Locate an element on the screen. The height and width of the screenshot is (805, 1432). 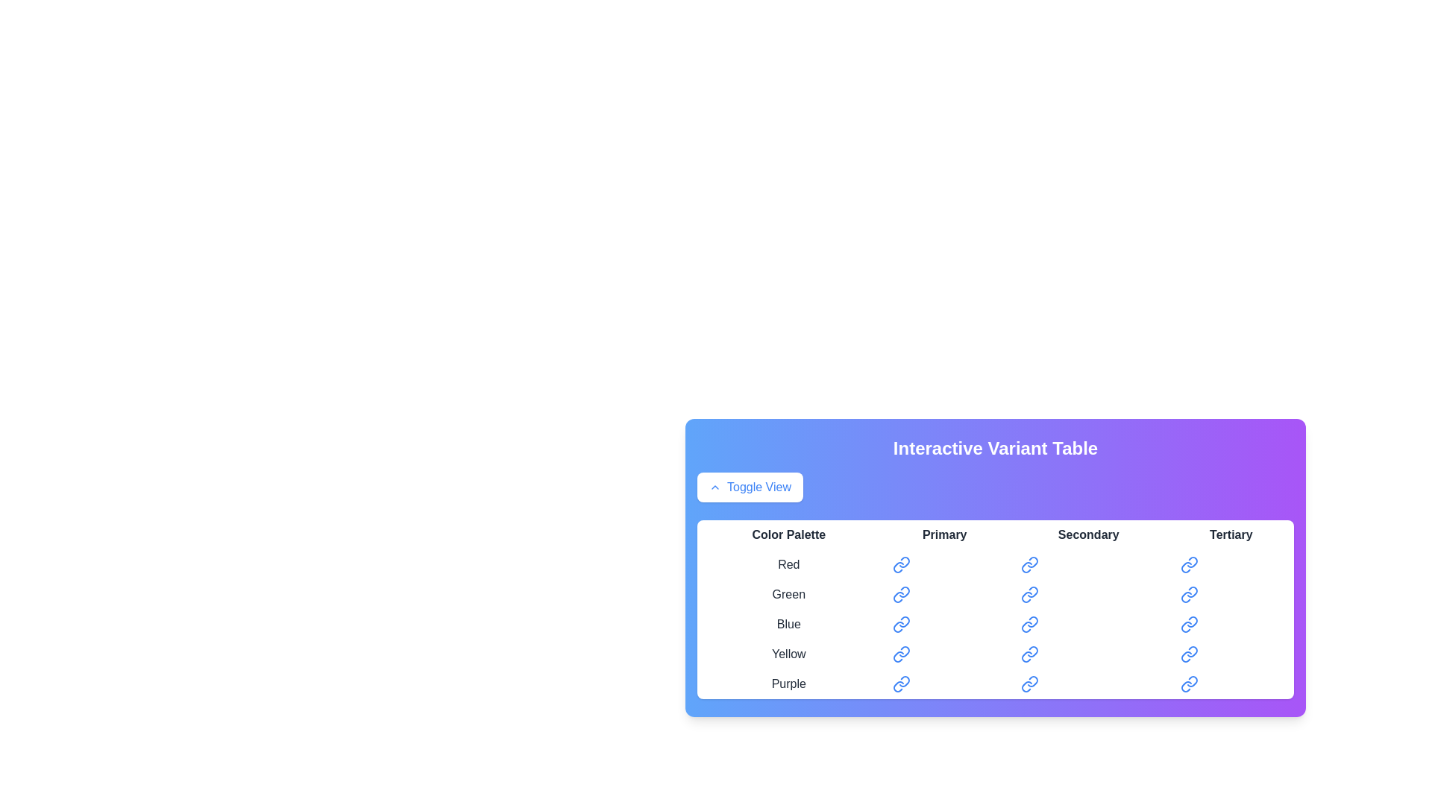
the blue link icon styled as a chain labeled 'Secondary - Green' in the 'Interactive Variant Table' is located at coordinates (1029, 594).